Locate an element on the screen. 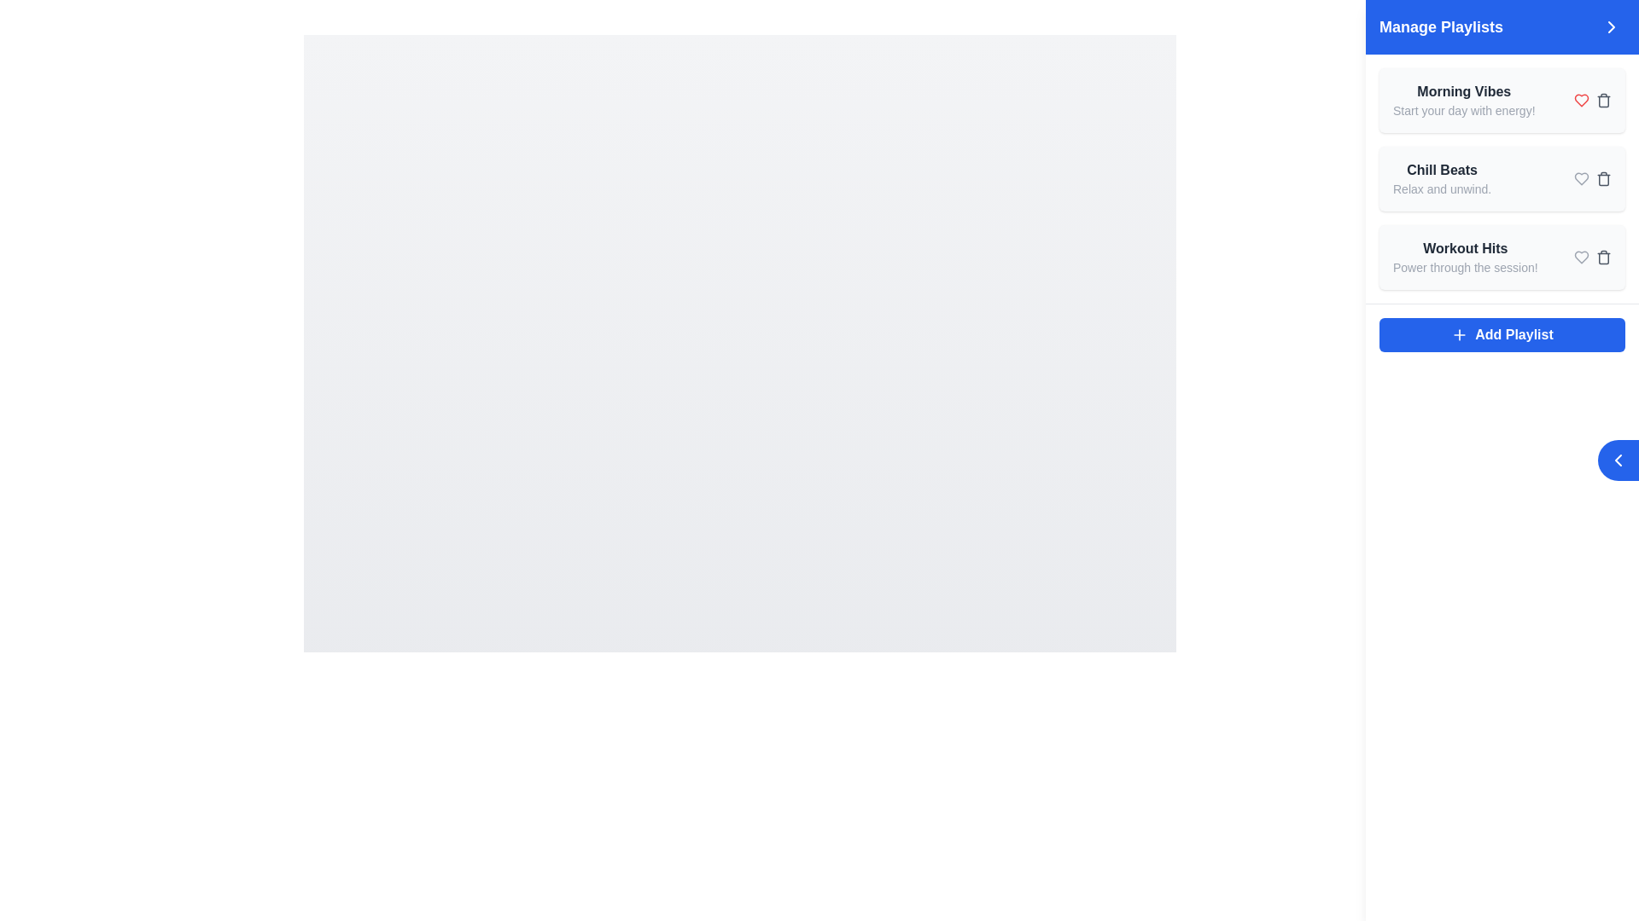 This screenshot has height=921, width=1639. the navigation icon located in the top-right corner of the interface, which serves as a visual indicator for interaction possibilities is located at coordinates (1618, 460).